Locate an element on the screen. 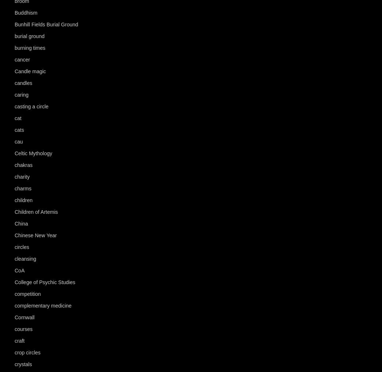 The width and height of the screenshot is (382, 372). 'Cornwall' is located at coordinates (25, 317).